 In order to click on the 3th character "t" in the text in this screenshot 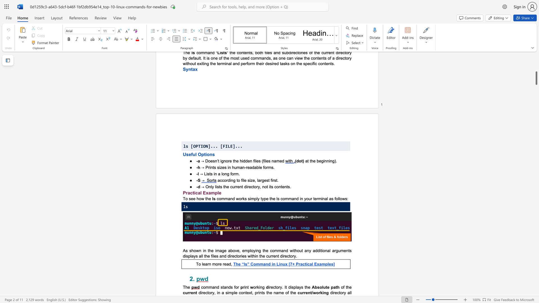, I will do `click(294, 250)`.